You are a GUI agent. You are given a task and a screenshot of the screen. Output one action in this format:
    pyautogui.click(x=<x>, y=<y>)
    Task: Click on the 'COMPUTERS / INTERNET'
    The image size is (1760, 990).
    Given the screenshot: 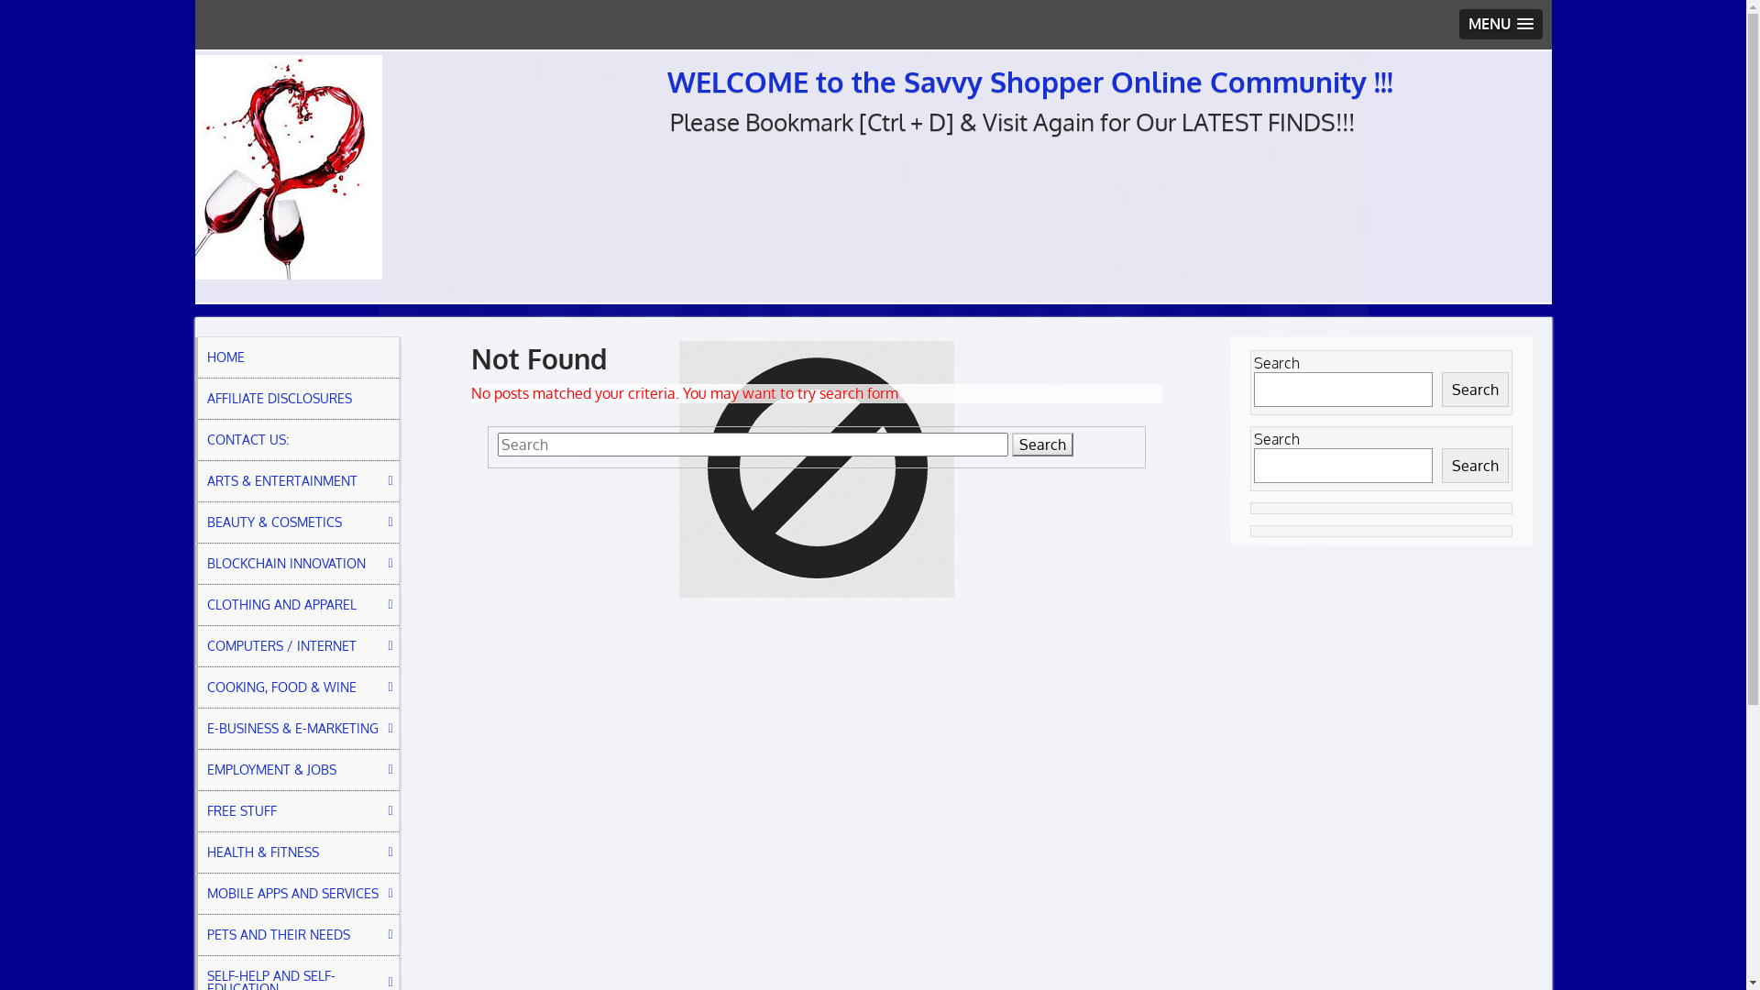 What is the action you would take?
    pyautogui.click(x=297, y=645)
    